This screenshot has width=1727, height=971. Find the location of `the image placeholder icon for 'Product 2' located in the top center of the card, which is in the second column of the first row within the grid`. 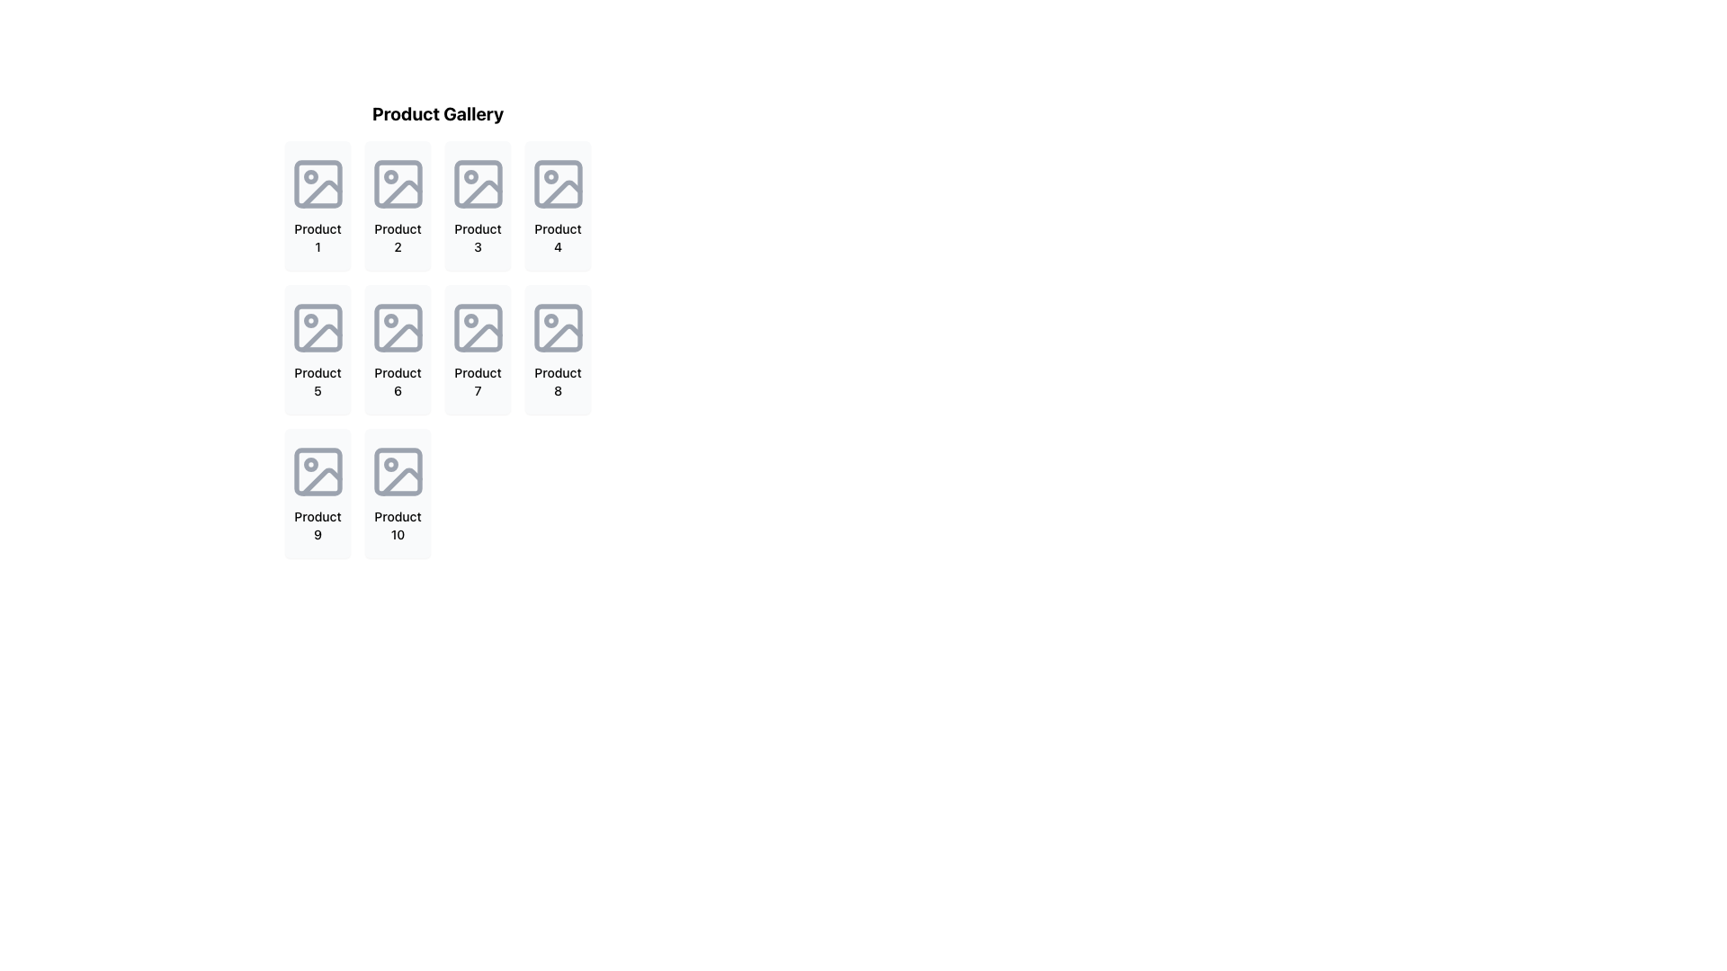

the image placeholder icon for 'Product 2' located in the top center of the card, which is in the second column of the first row within the grid is located at coordinates (397, 183).